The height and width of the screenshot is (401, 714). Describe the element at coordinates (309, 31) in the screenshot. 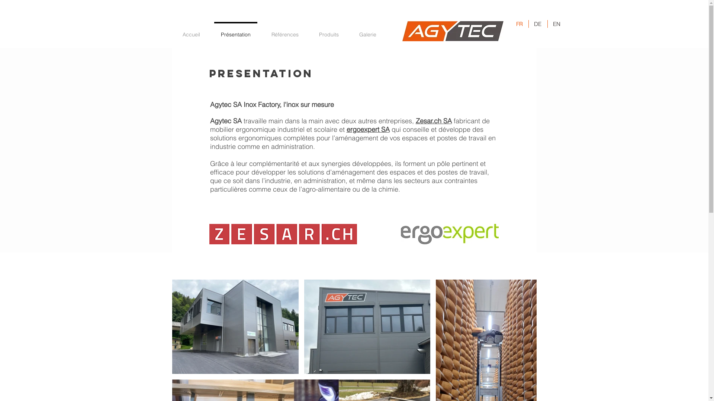

I see `'Produits'` at that location.